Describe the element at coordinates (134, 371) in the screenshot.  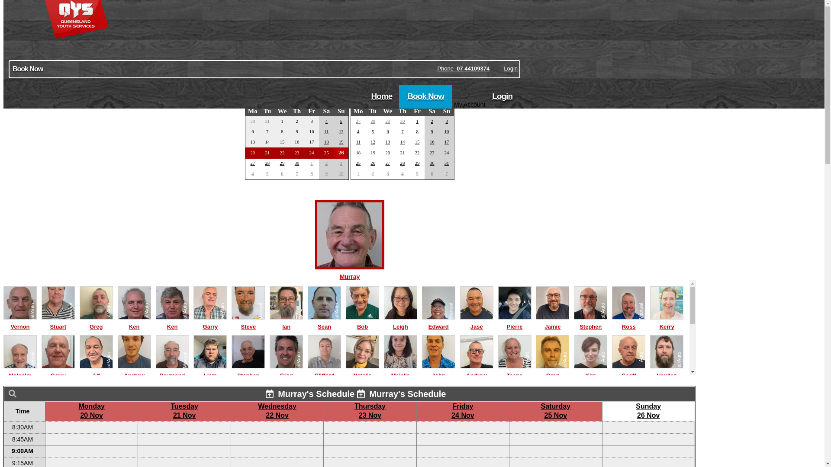
I see `'Andrew'` at that location.